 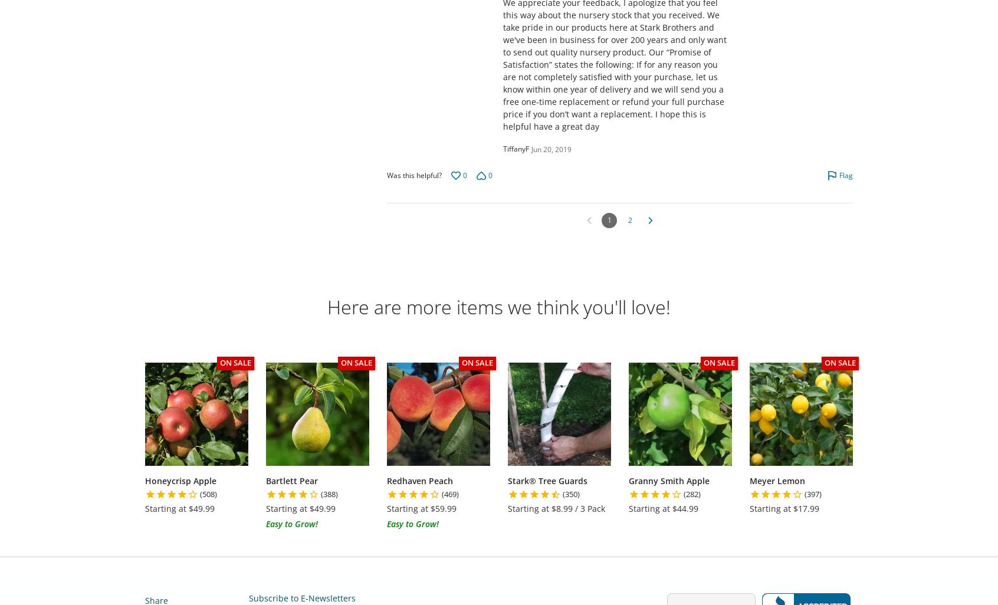 I want to click on 'Meyer Lemon', so click(x=777, y=479).